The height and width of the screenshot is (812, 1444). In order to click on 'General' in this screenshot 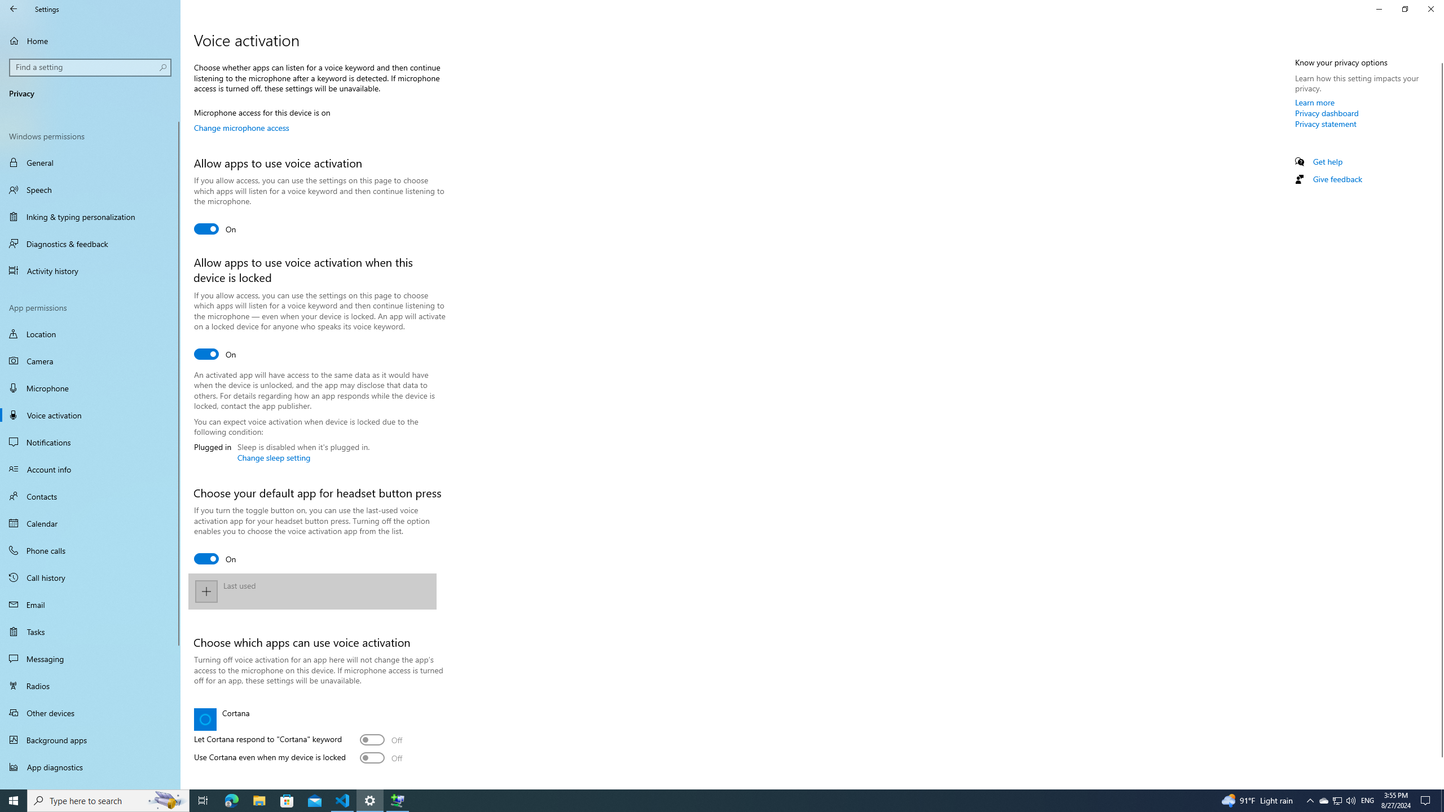, I will do `click(90, 162)`.